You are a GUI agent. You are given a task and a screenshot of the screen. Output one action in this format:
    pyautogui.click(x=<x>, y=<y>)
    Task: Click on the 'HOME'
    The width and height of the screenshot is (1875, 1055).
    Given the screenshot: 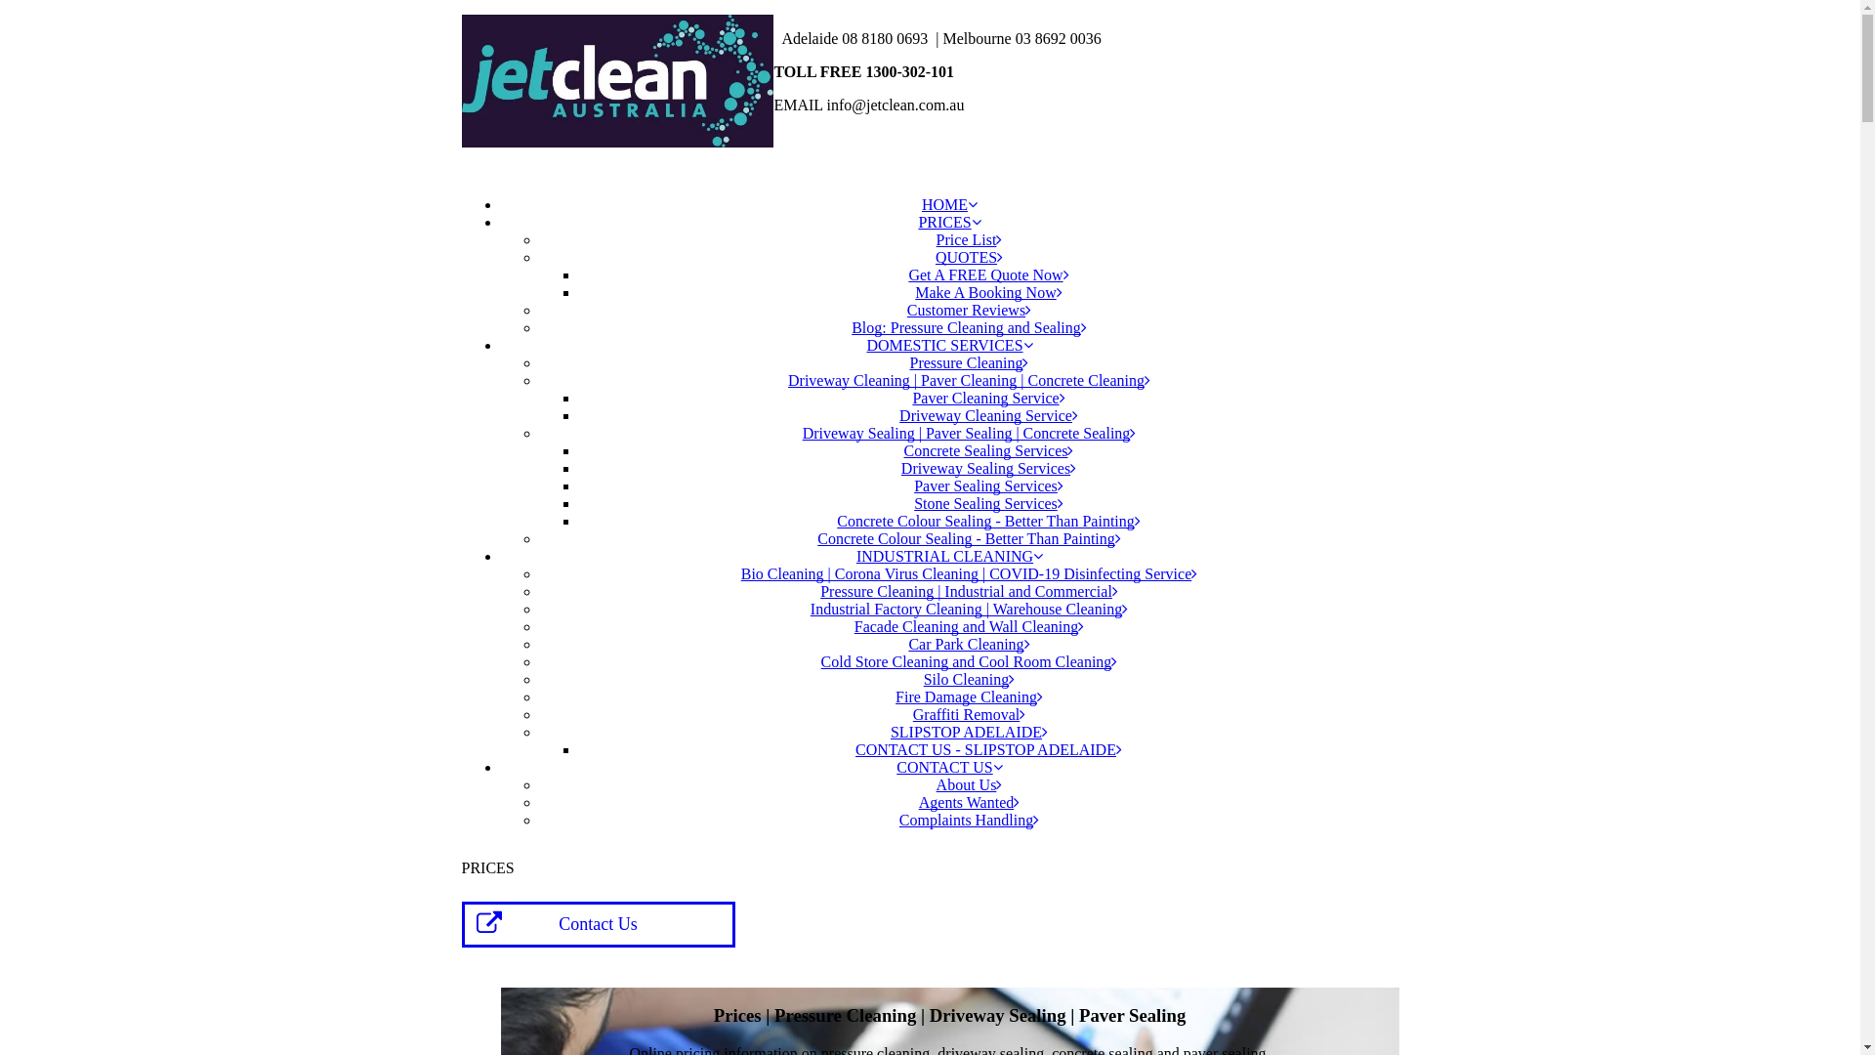 What is the action you would take?
    pyautogui.click(x=949, y=204)
    